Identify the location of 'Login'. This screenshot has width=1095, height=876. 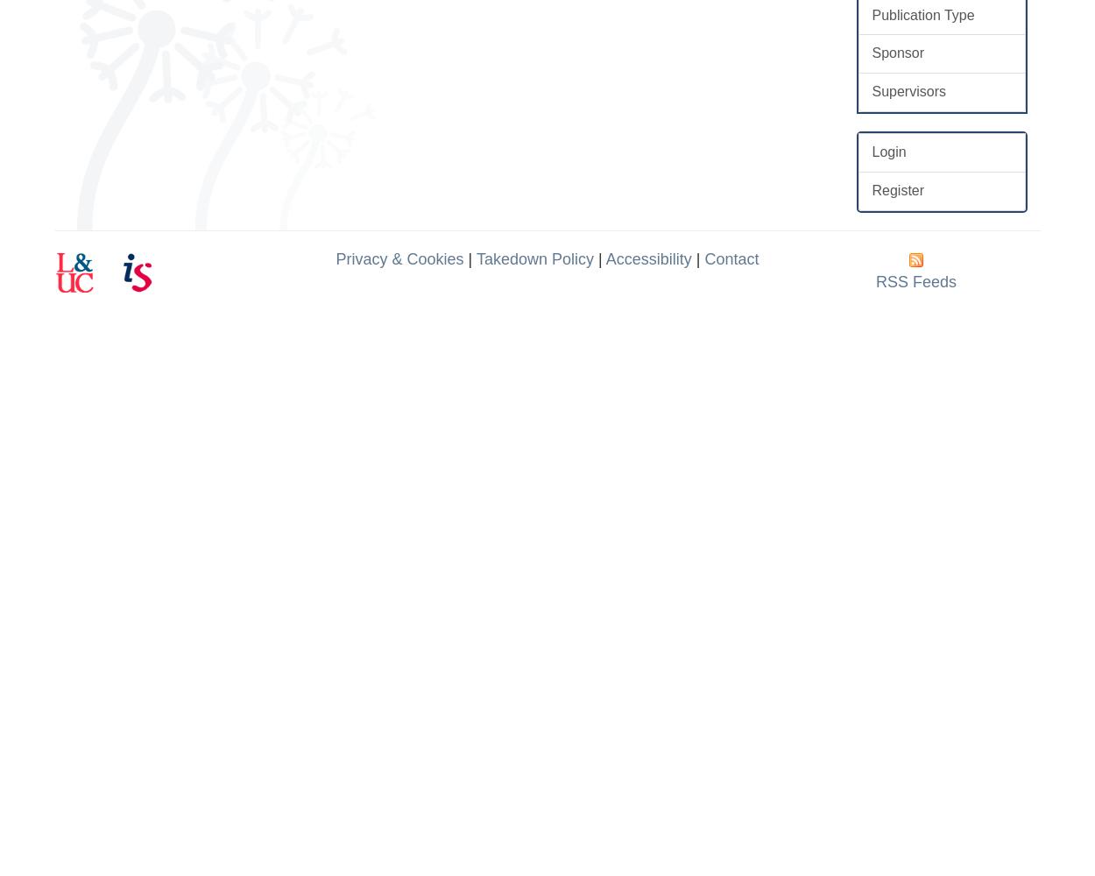
(888, 152).